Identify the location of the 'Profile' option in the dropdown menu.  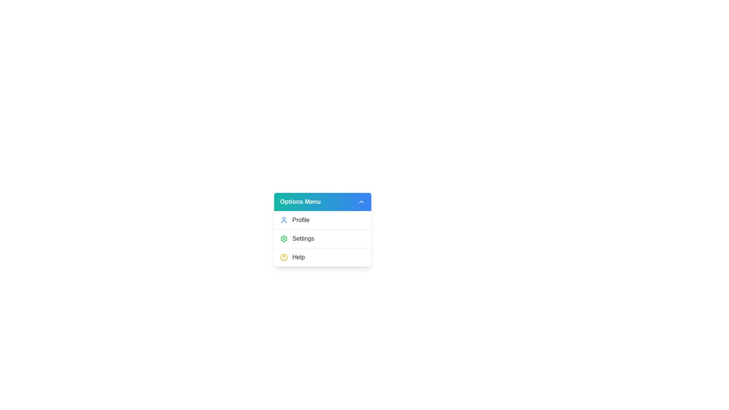
(322, 220).